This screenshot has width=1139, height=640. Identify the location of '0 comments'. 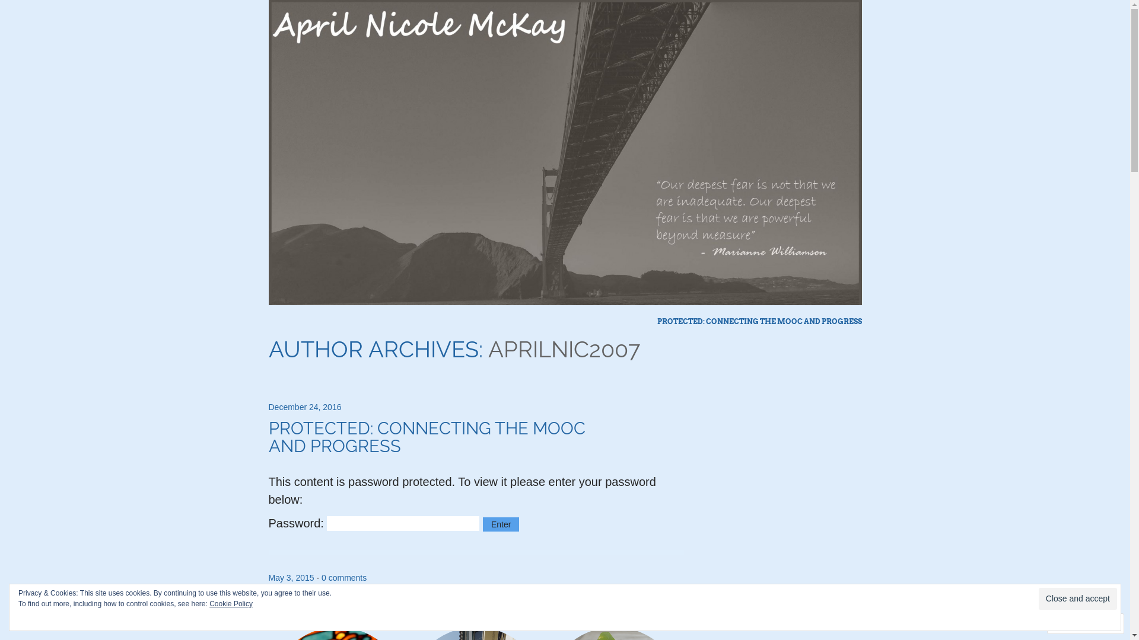
(343, 577).